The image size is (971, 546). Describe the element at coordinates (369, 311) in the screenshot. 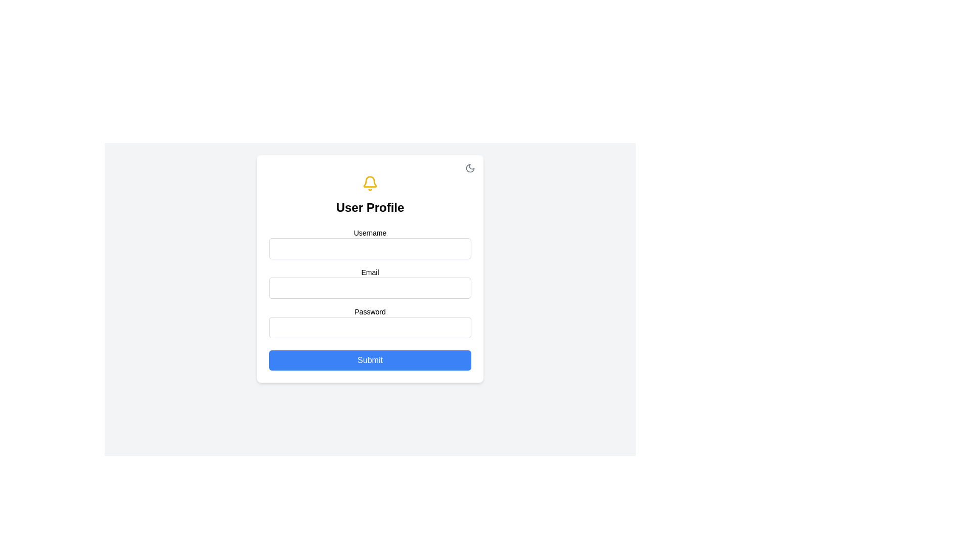

I see `the 'Password' label element, which is styled in a smaller font and positioned above the password input field in the form` at that location.